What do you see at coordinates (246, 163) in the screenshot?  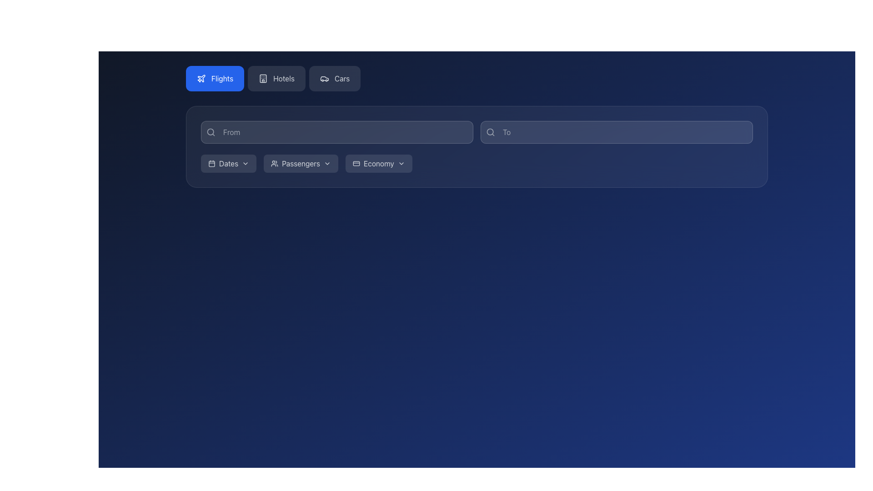 I see `the chevron icon located to the right of the 'Dates' label in the search bar` at bounding box center [246, 163].